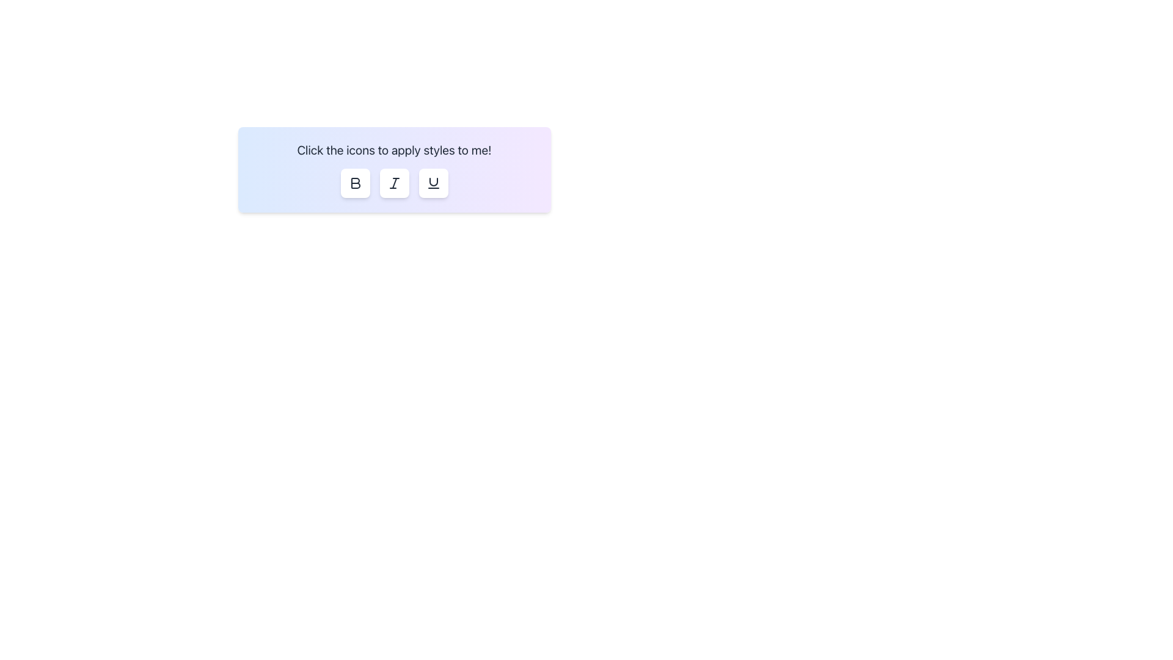  Describe the element at coordinates (394, 183) in the screenshot. I see `the middle rounded button with an italicized 'I' icon, which is surrounded by buttons 'B' and 'U'` at that location.